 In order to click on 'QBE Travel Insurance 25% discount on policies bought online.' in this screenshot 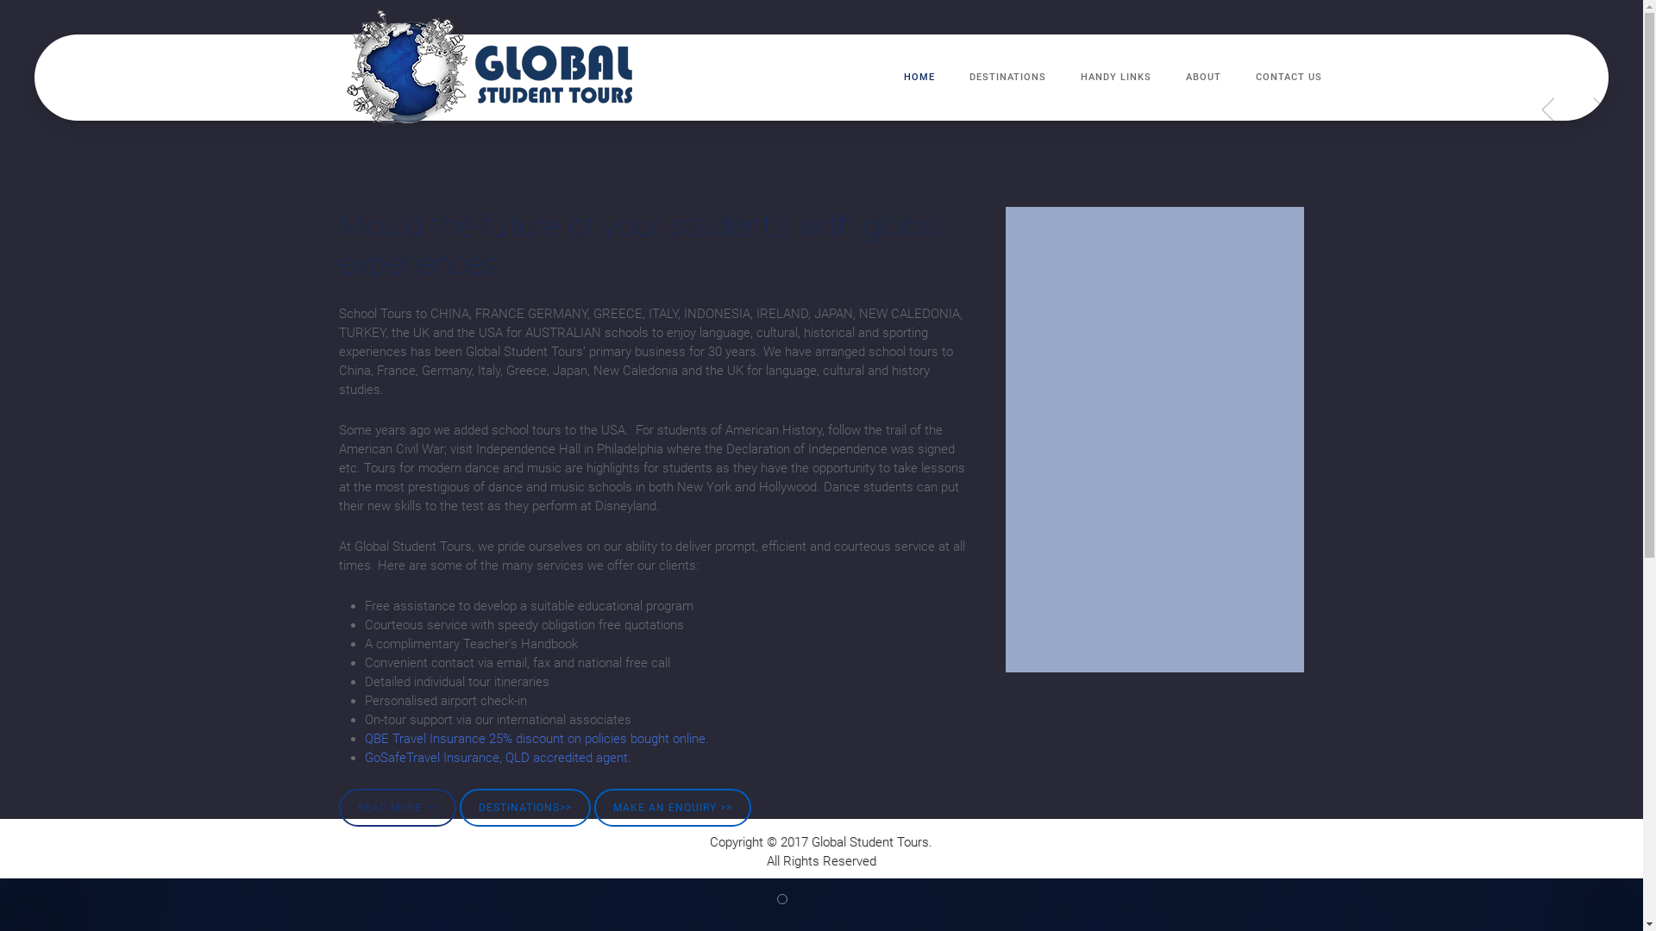, I will do `click(535, 737)`.